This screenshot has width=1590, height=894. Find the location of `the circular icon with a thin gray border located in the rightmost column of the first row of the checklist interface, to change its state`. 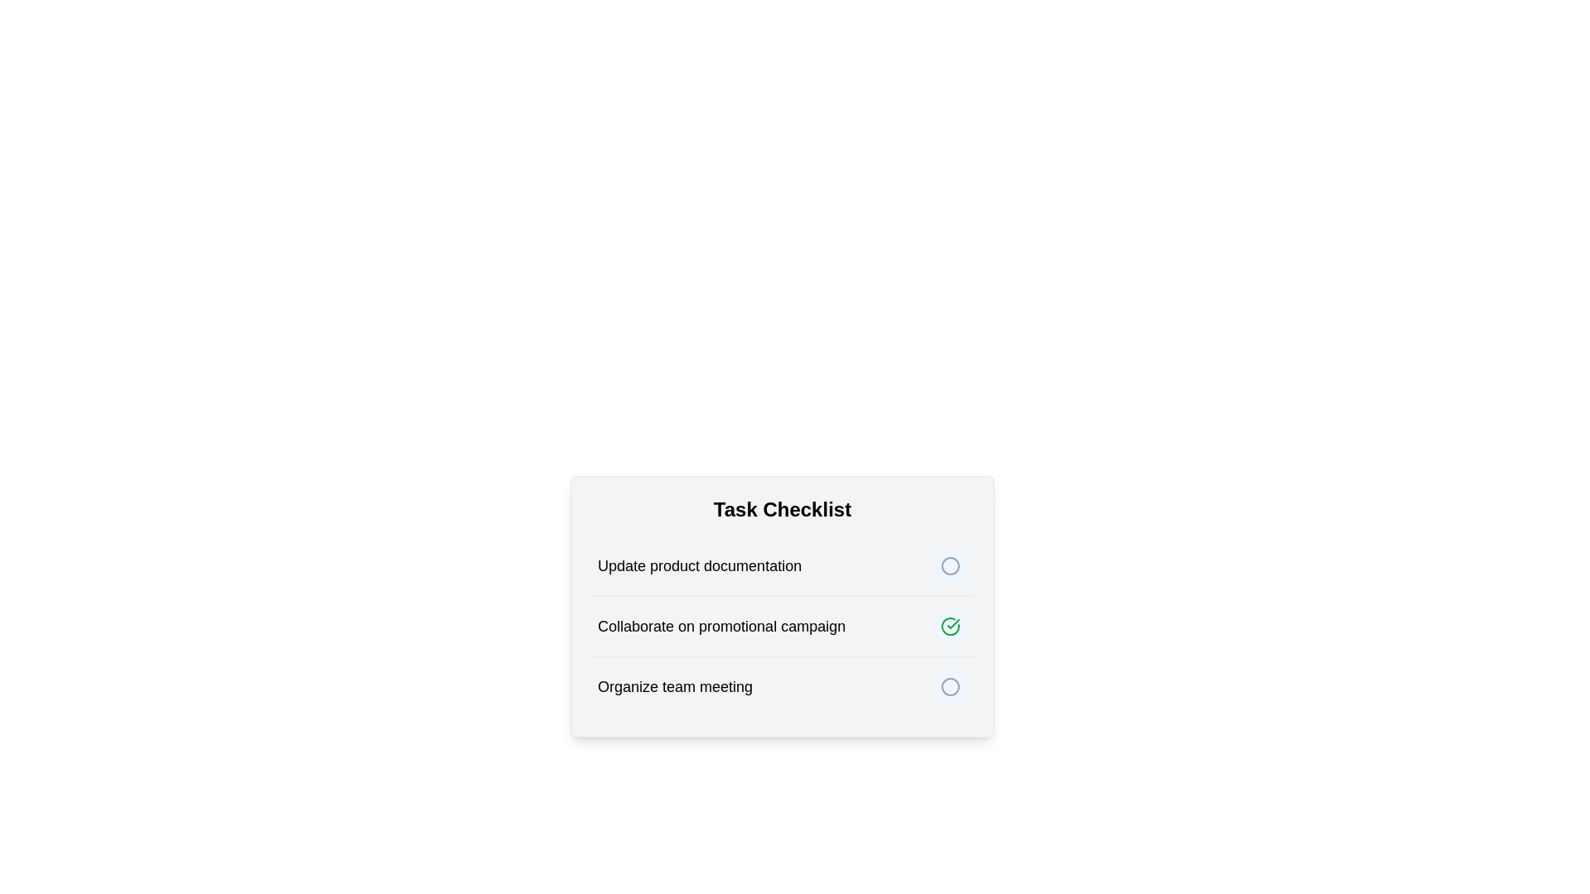

the circular icon with a thin gray border located in the rightmost column of the first row of the checklist interface, to change its state is located at coordinates (950, 565).